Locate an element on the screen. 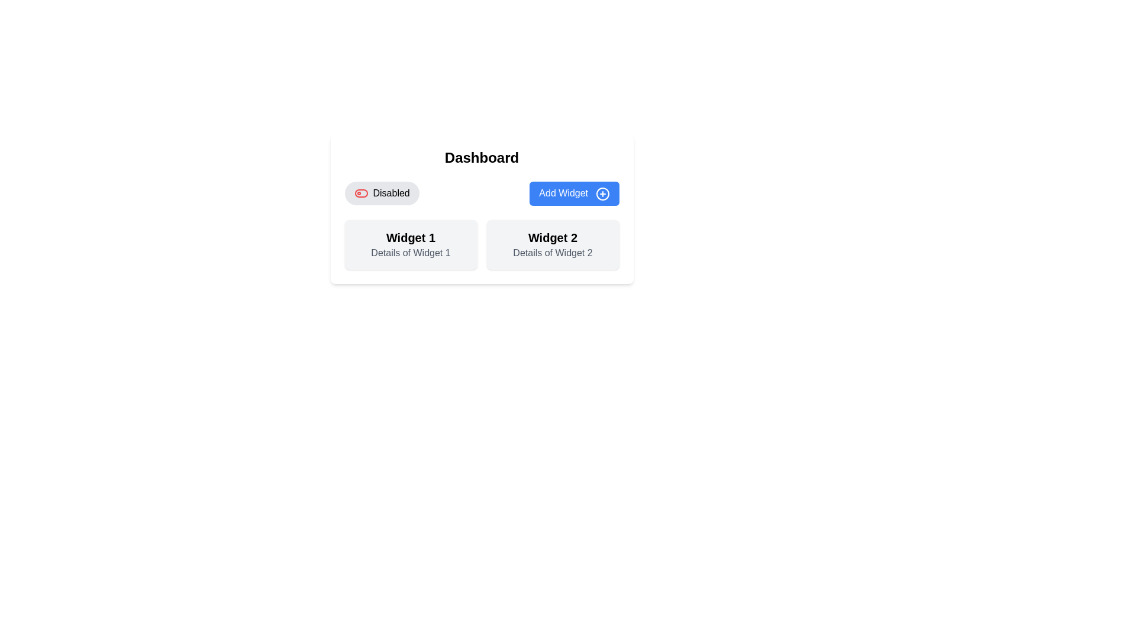  the blue 'Add Widget' button, which features a decorative SVG circle element at its center, to initiate the action of adding a new widget is located at coordinates (602, 193).